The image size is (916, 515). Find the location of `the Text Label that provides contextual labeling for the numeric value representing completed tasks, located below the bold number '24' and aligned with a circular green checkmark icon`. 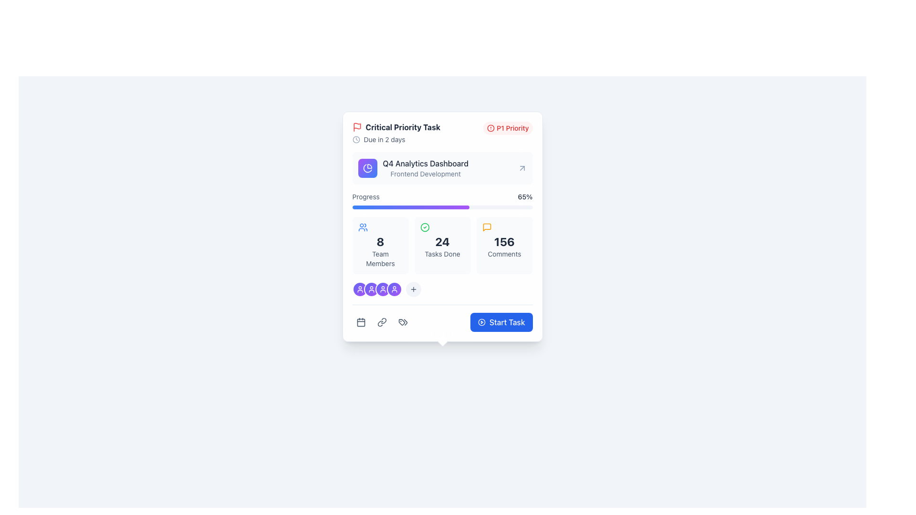

the Text Label that provides contextual labeling for the numeric value representing completed tasks, located below the bold number '24' and aligned with a circular green checkmark icon is located at coordinates (442, 253).